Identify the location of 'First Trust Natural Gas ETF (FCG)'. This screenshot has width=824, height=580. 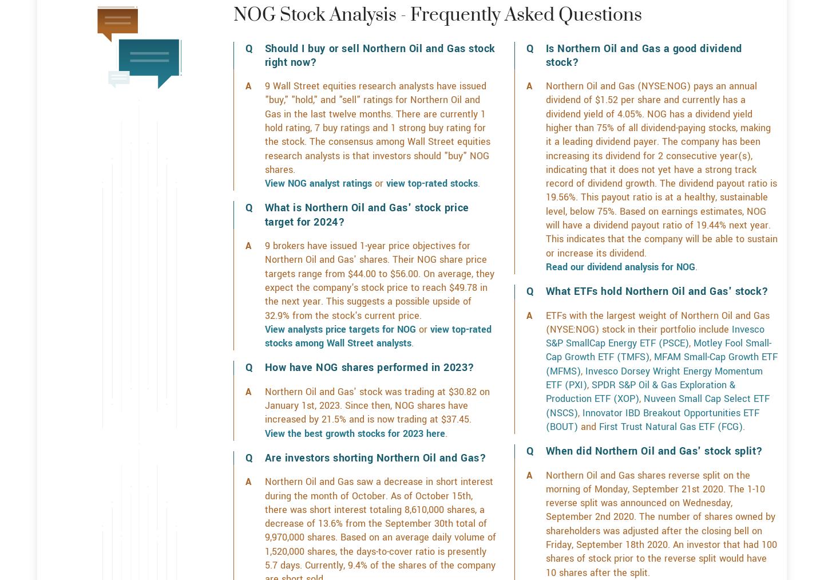
(670, 467).